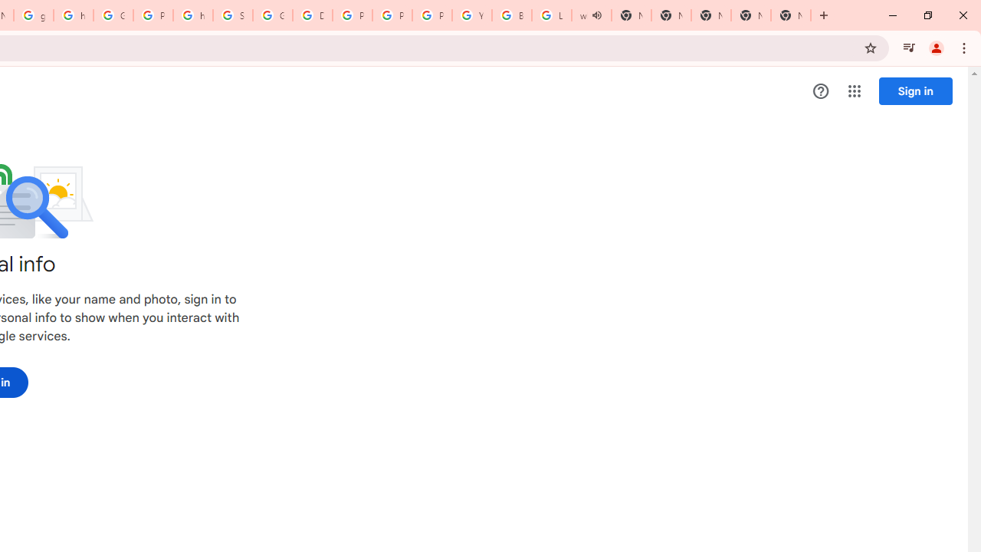 This screenshot has width=981, height=552. I want to click on 'https://scholar.google.com/', so click(192, 15).